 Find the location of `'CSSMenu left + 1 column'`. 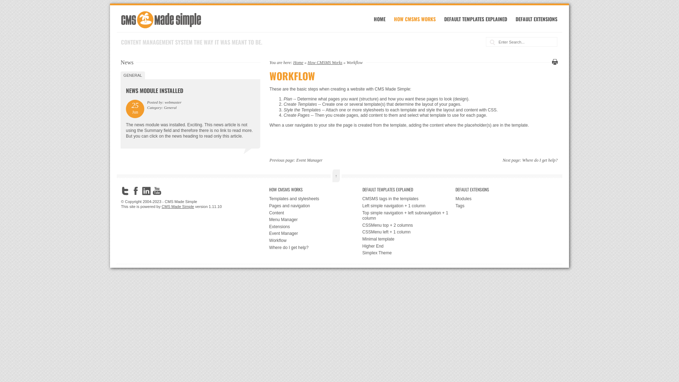

'CSSMenu left + 1 column' is located at coordinates (408, 232).